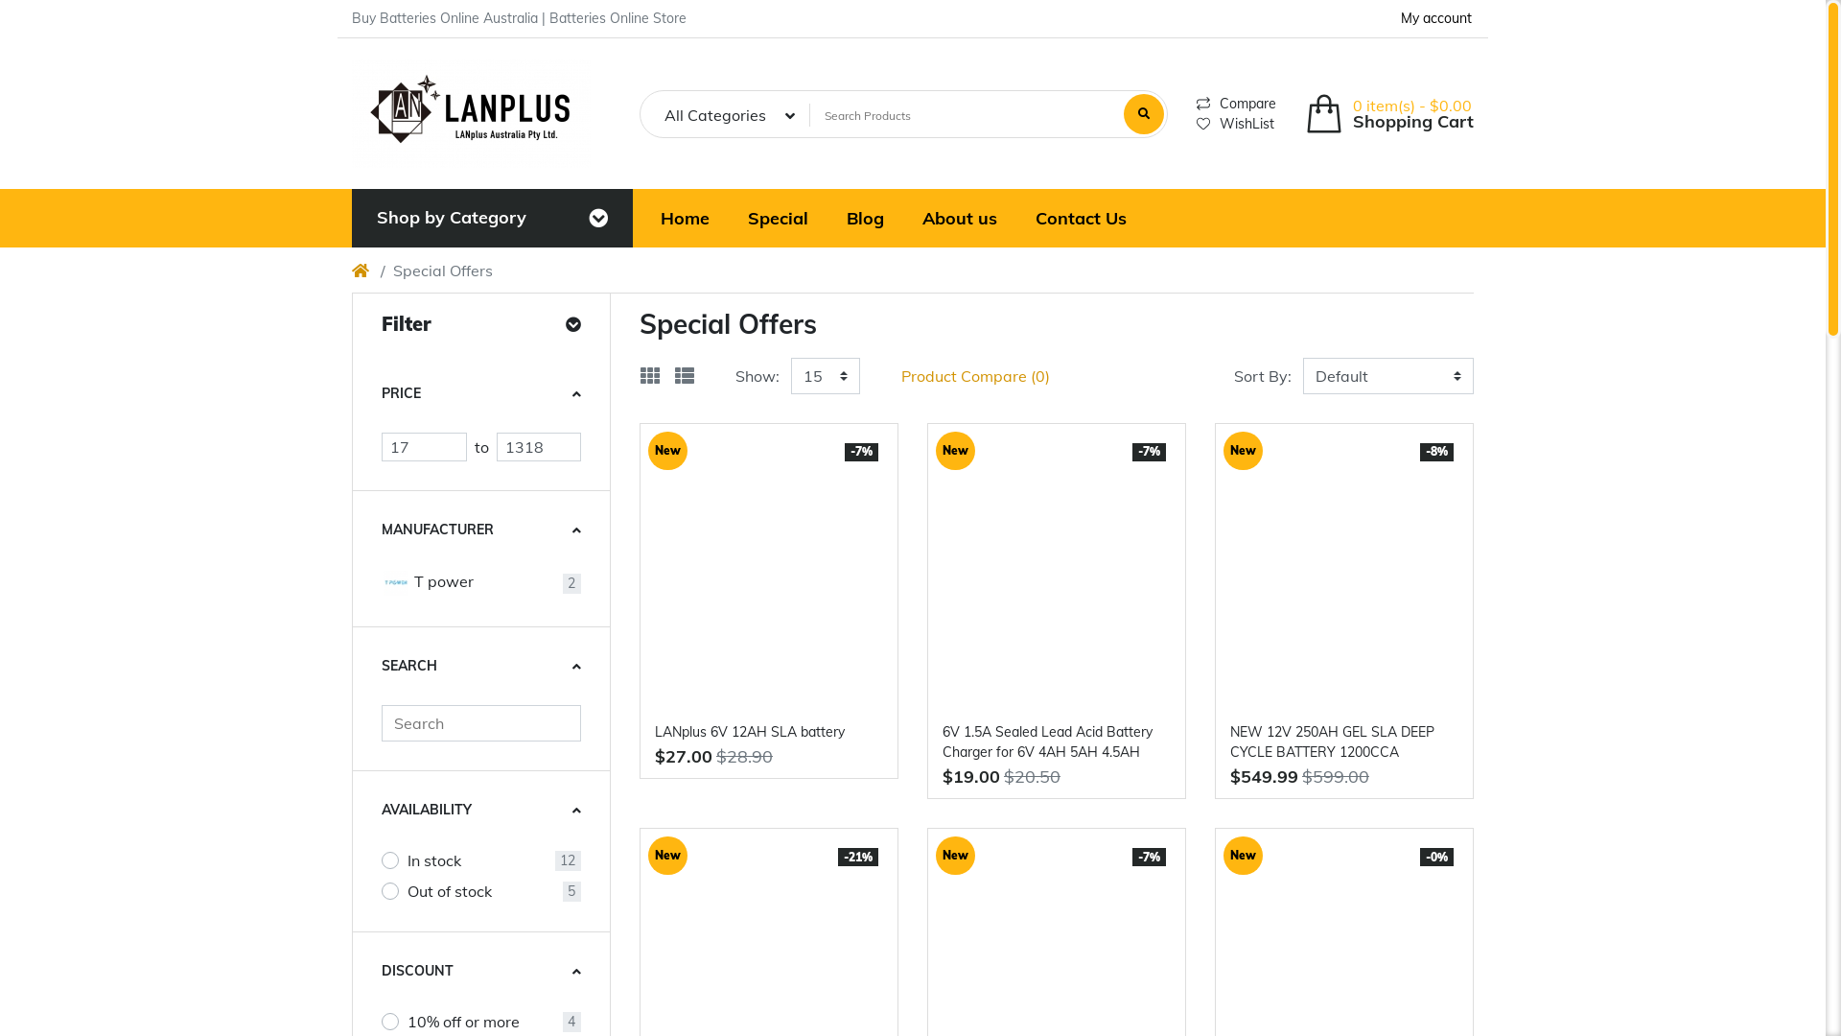 This screenshot has width=1841, height=1036. I want to click on 'Compare this Product', so click(1099, 405).